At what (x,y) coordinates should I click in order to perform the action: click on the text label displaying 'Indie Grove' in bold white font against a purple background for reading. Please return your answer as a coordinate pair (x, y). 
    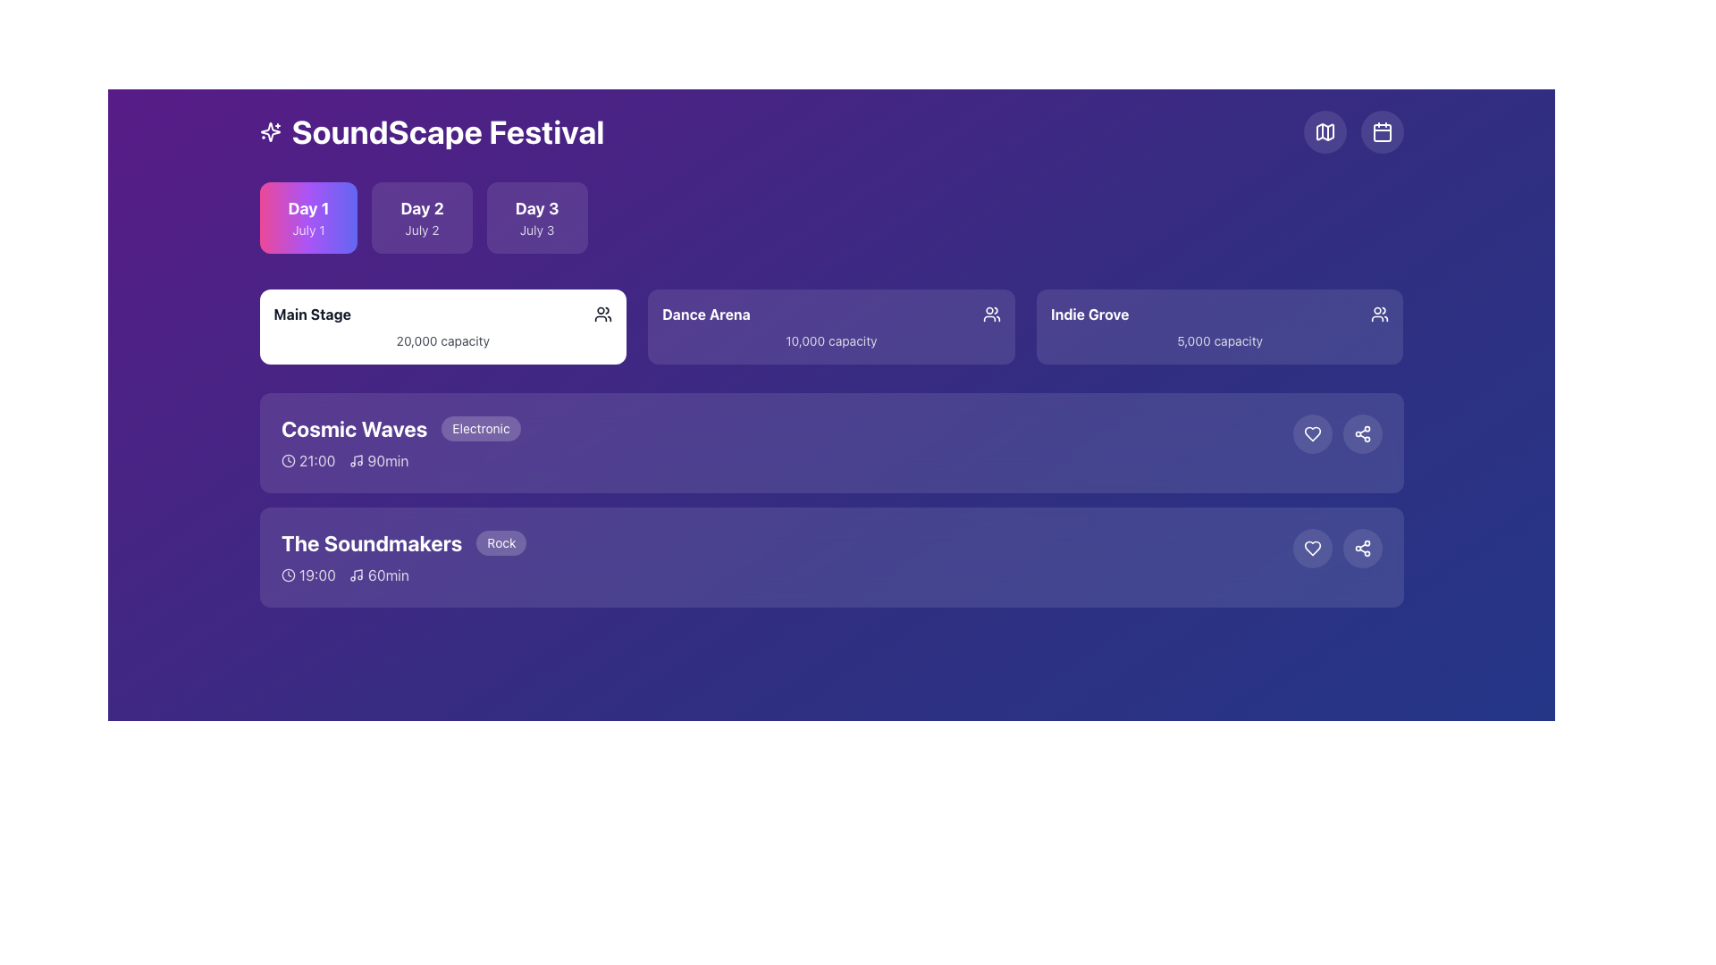
    Looking at the image, I should click on (1089, 313).